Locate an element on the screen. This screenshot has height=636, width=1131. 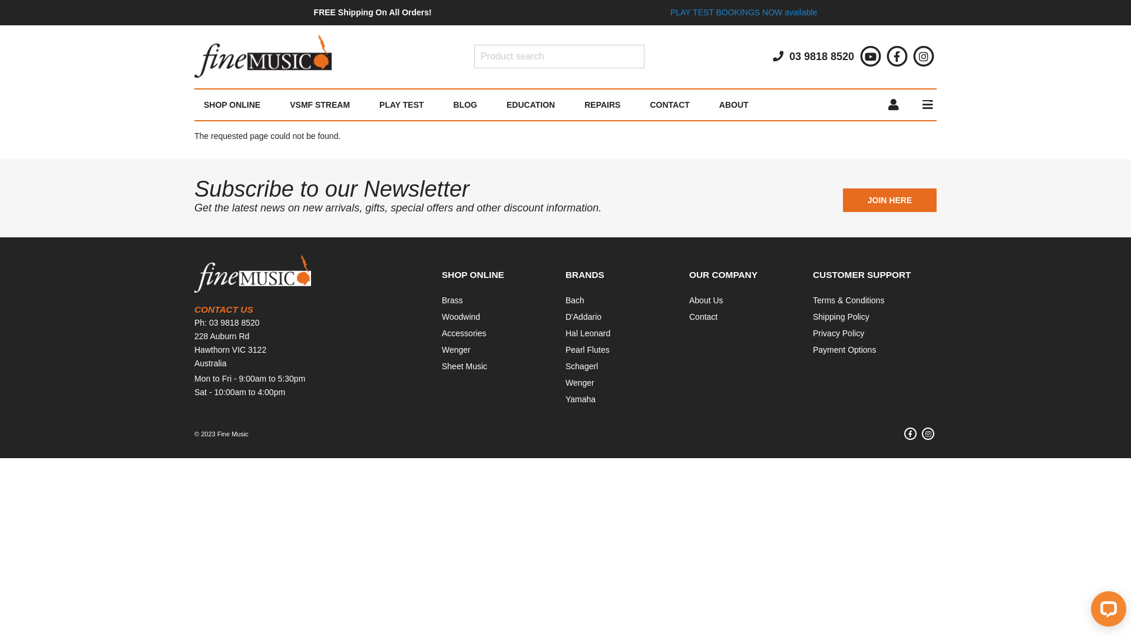
'Sheet Music' is located at coordinates (464, 365).